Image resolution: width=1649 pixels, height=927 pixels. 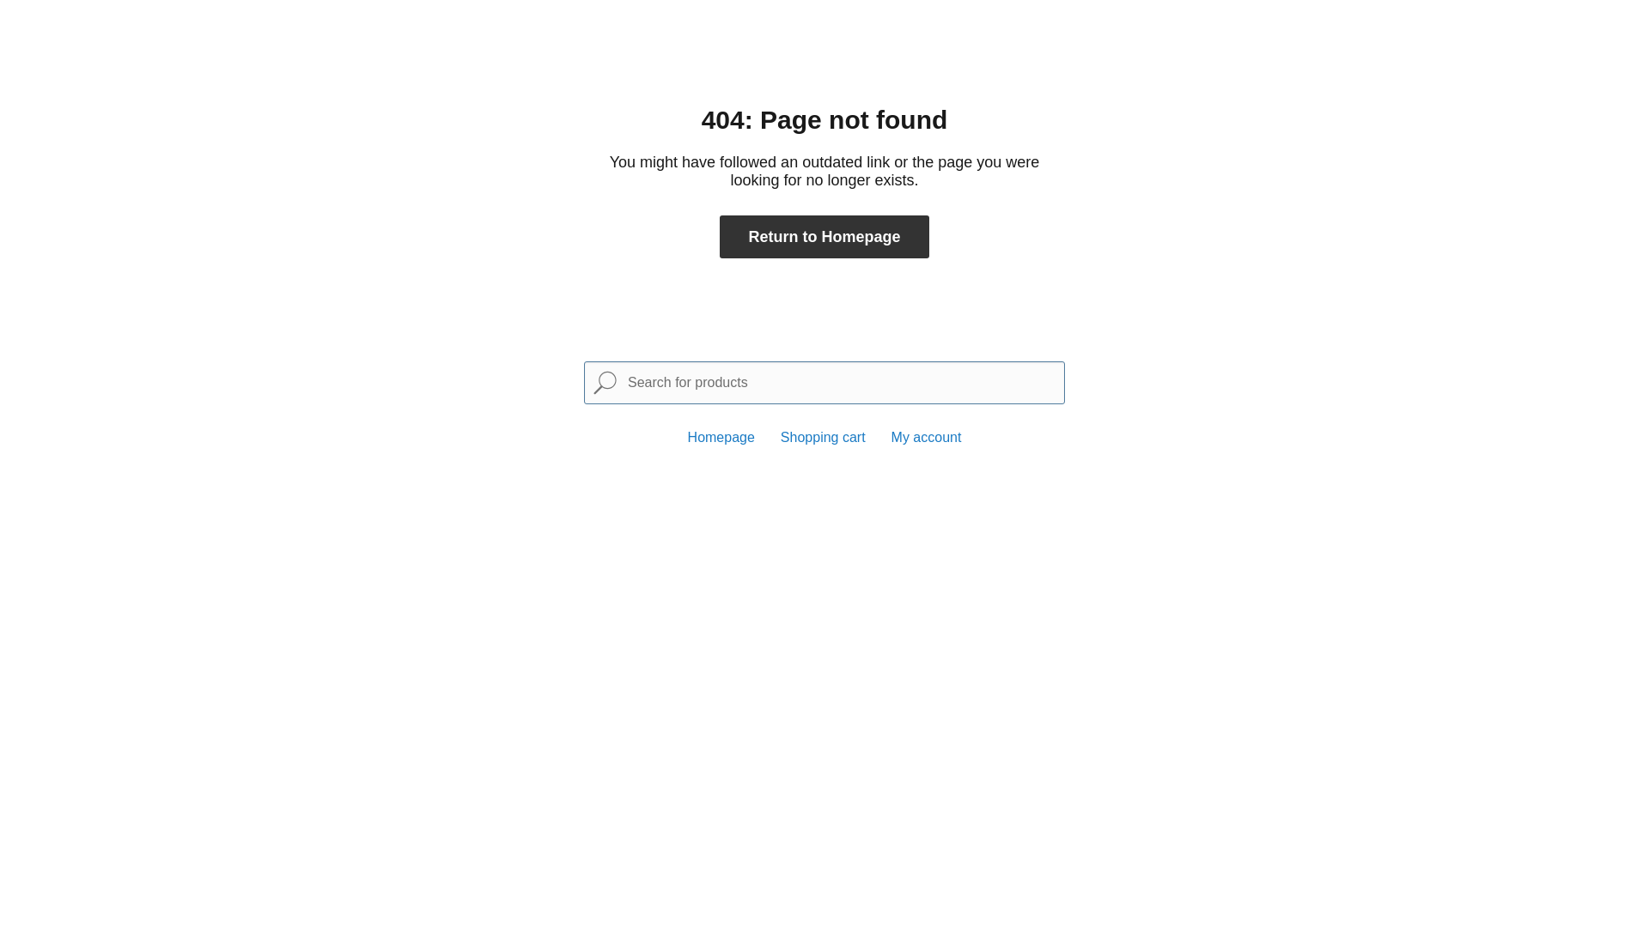 I want to click on 'Shopping cart', so click(x=822, y=436).